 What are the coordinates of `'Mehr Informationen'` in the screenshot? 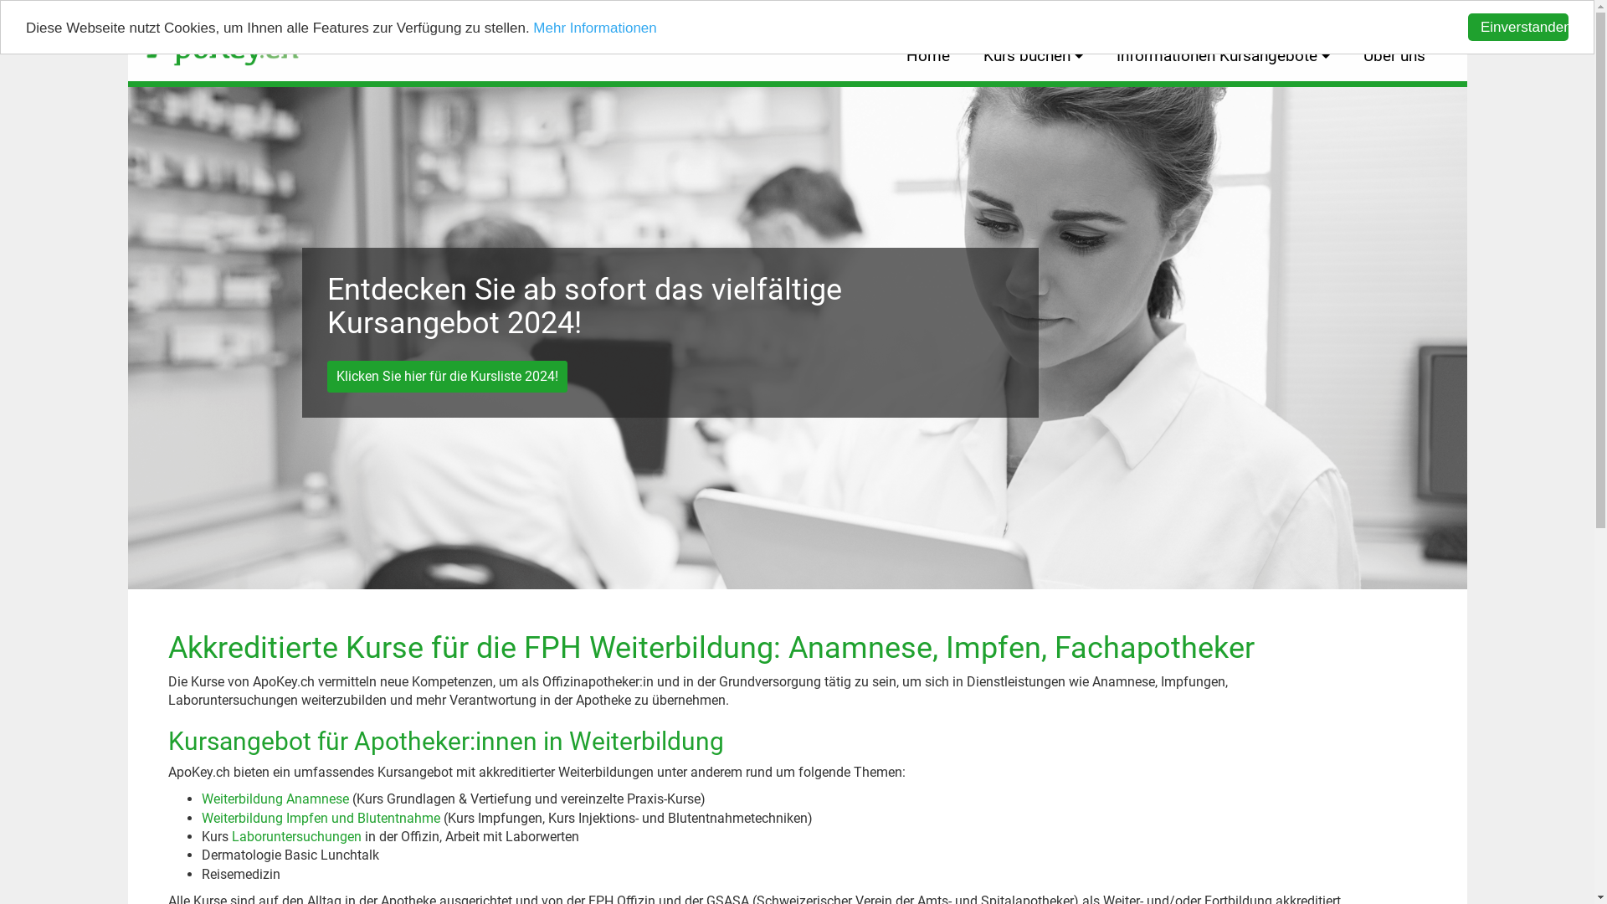 It's located at (594, 28).